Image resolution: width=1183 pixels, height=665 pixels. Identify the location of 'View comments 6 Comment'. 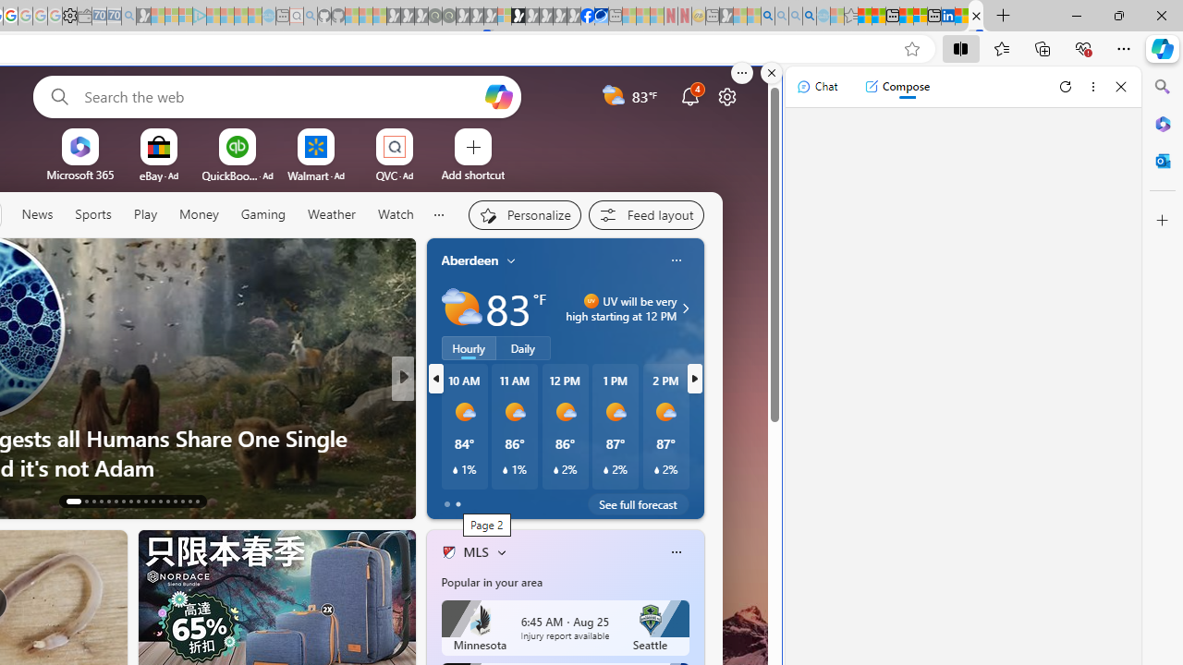
(530, 500).